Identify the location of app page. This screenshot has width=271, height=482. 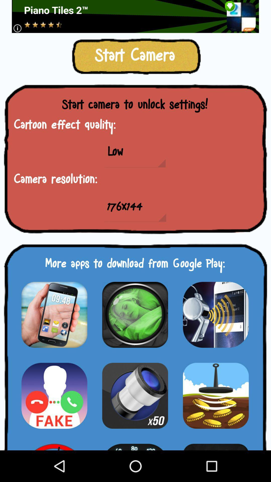
(54, 395).